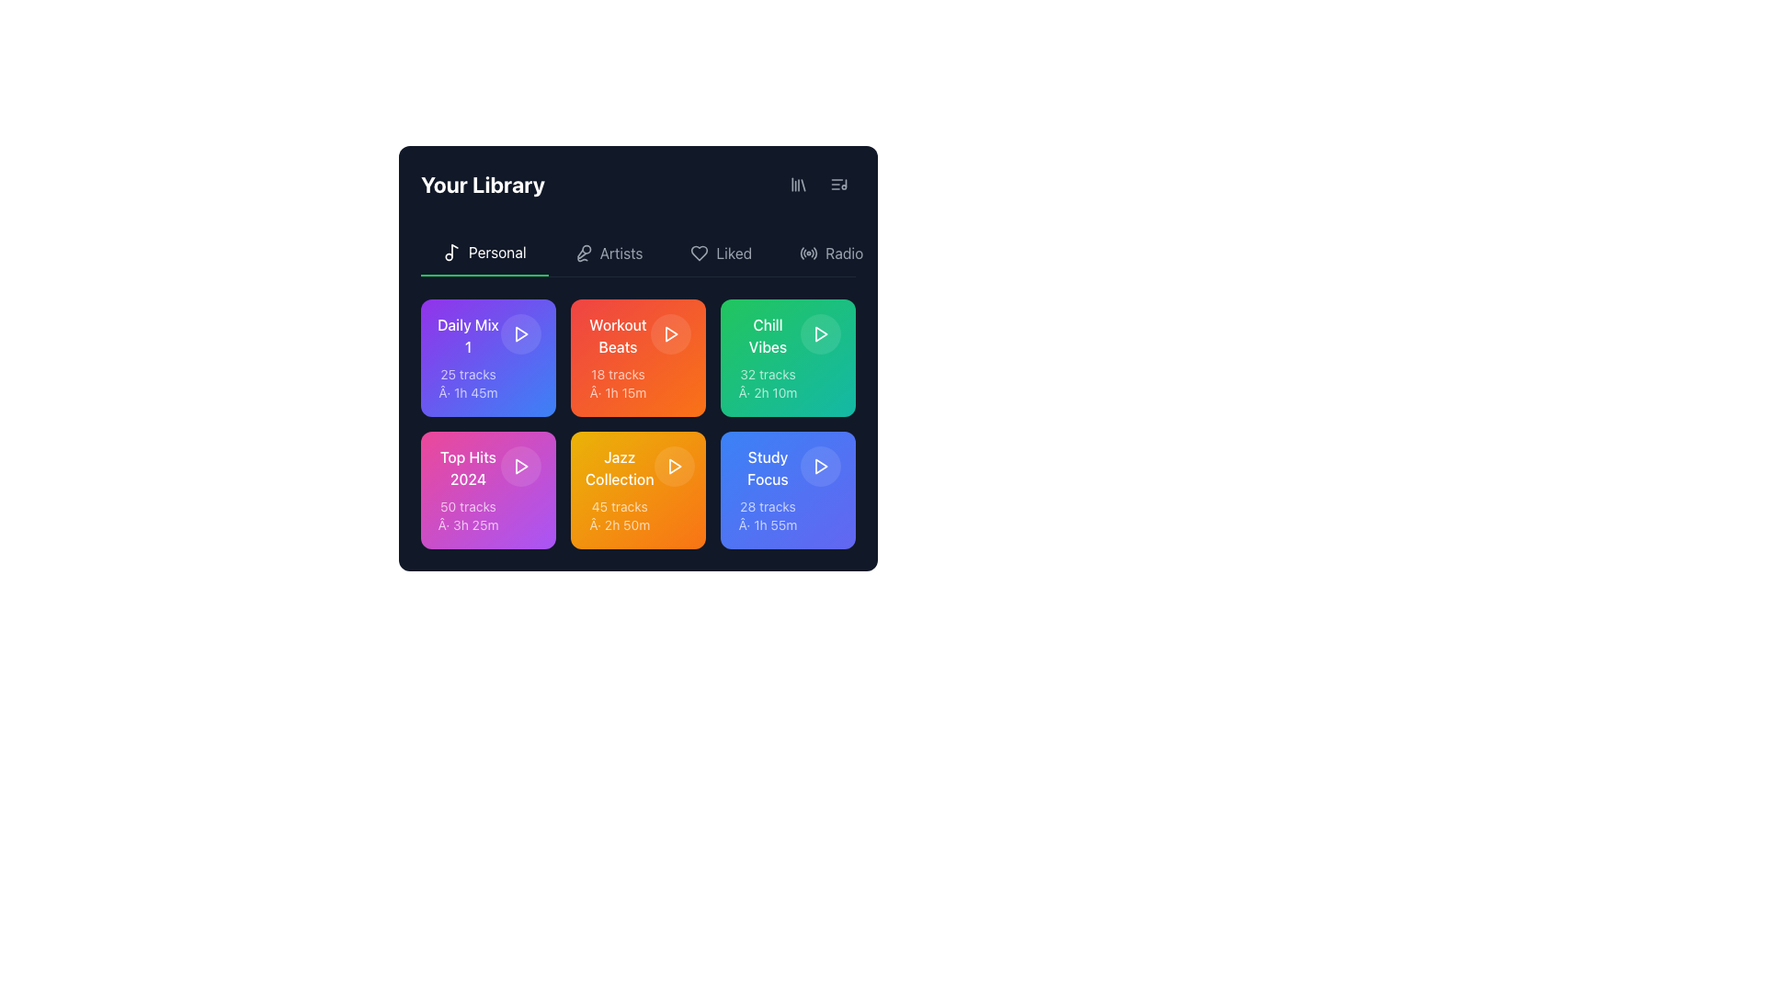 The image size is (1765, 992). Describe the element at coordinates (638, 254) in the screenshot. I see `the 'Artists' Tab Button, which is the second tab in the navigation row, located below 'Your Library.'` at that location.